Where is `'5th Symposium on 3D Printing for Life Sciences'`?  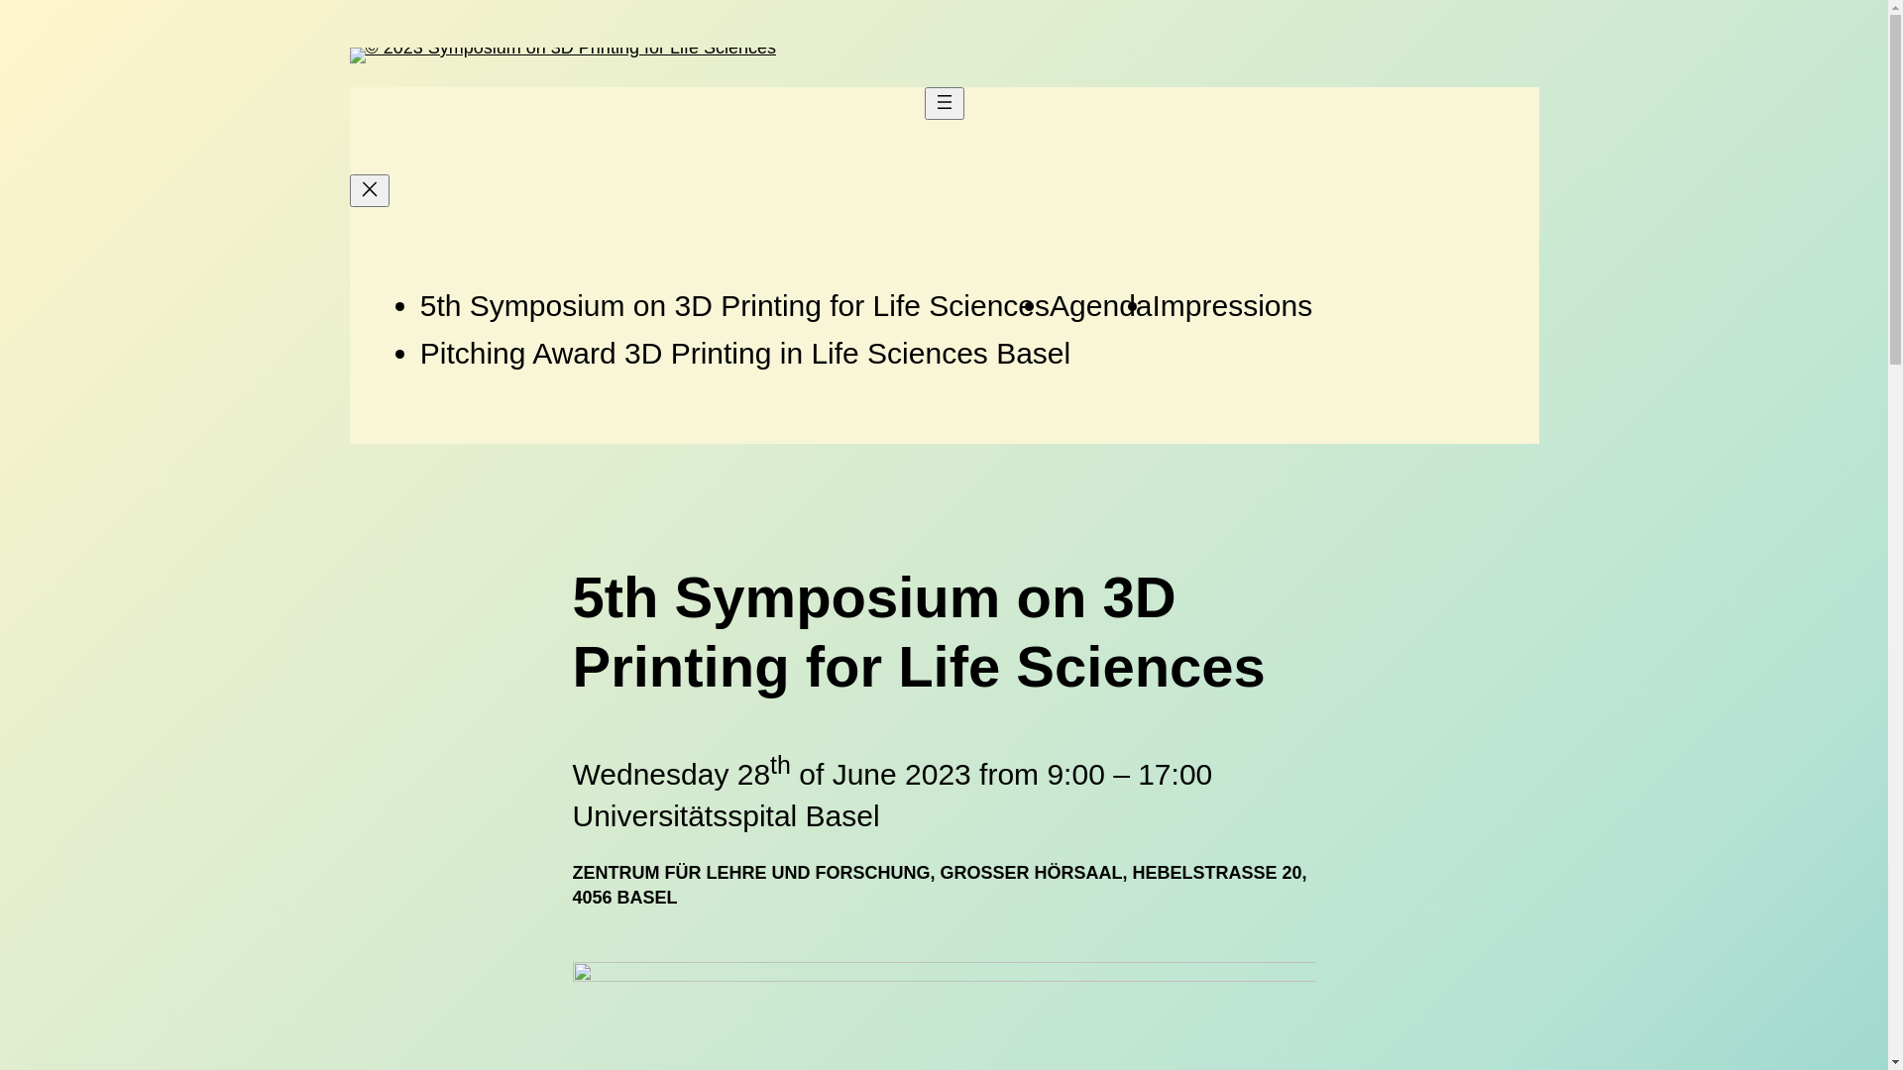
'5th Symposium on 3D Printing for Life Sciences' is located at coordinates (733, 305).